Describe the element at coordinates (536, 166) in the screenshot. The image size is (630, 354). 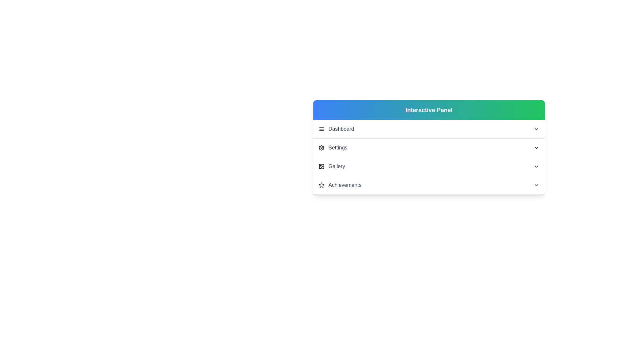
I see `the chevron-down icon located on the right side of the 'Gallery' section` at that location.